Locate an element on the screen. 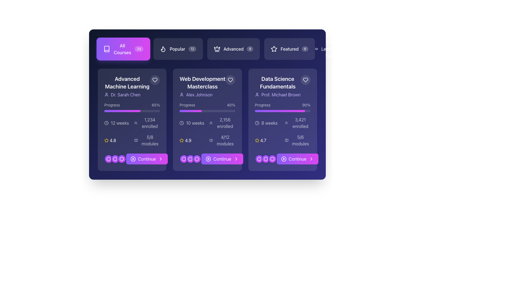  the text indicating the number of participants enrolled in the course, which is located in the second column beneath the duration indicator and above the progress bar and rating details is located at coordinates (222, 123).